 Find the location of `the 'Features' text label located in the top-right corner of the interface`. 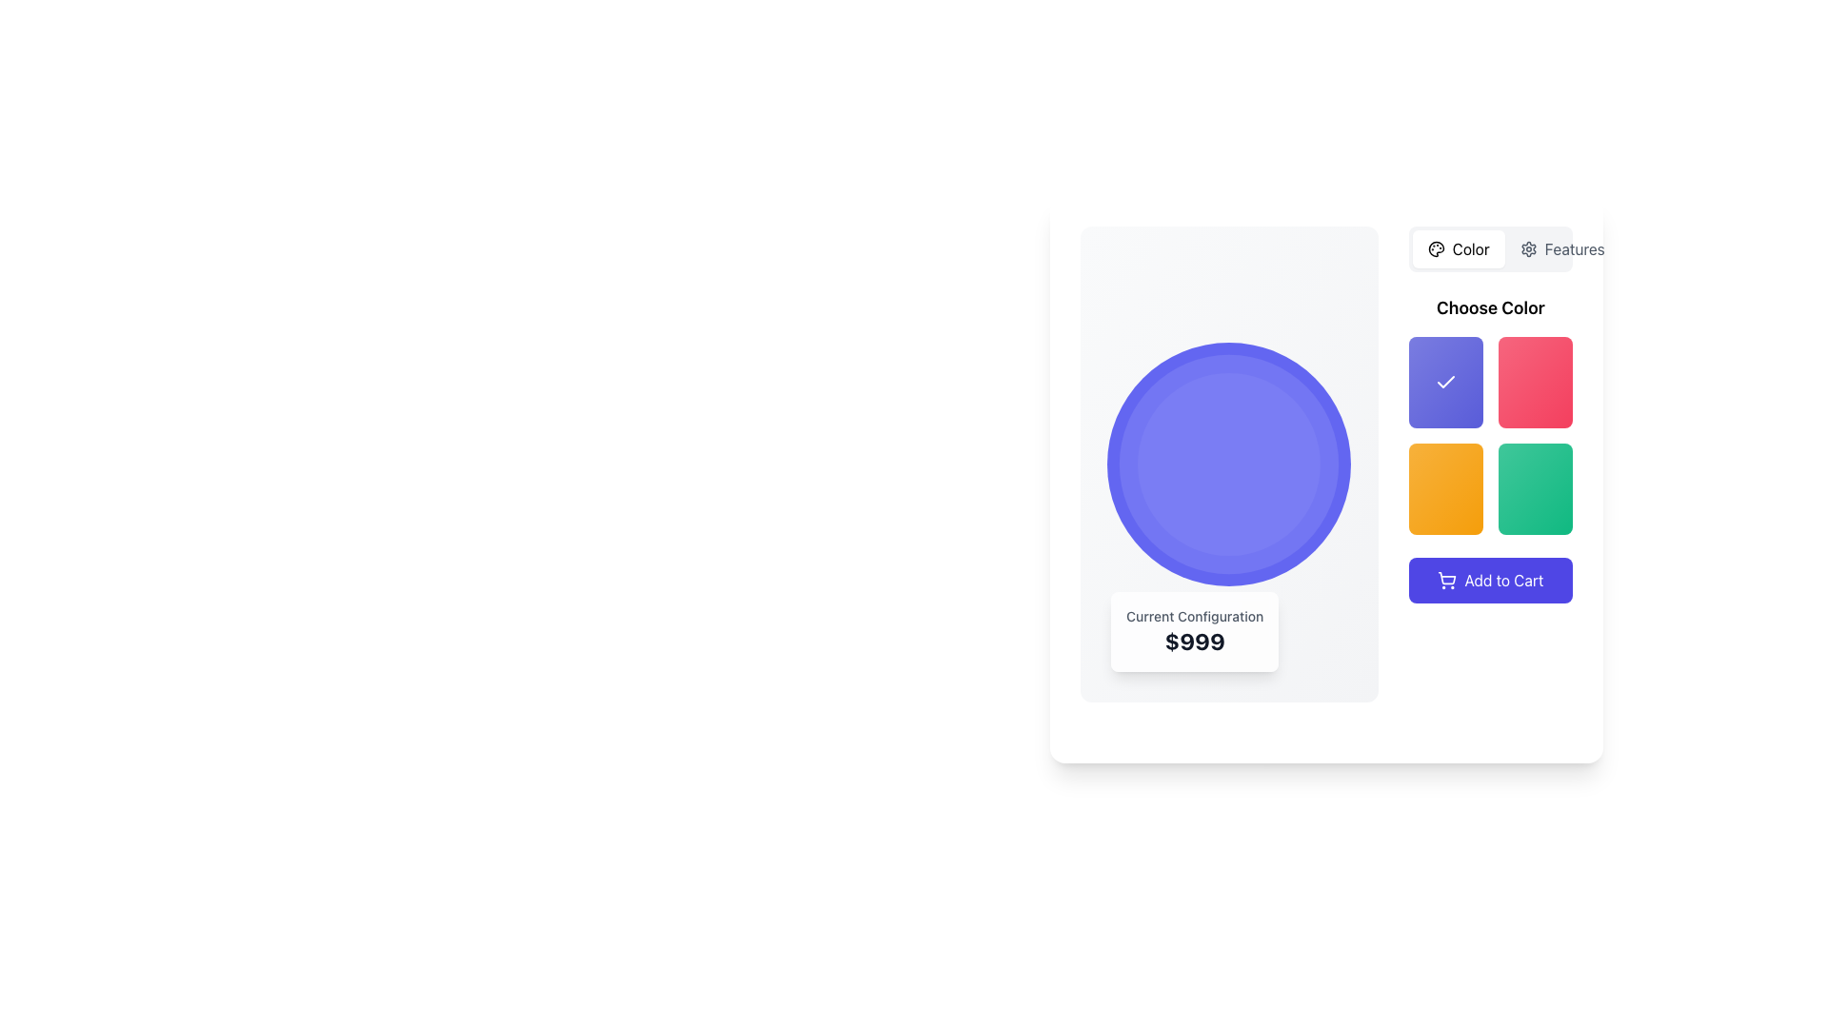

the 'Features' text label located in the top-right corner of the interface is located at coordinates (1575, 248).